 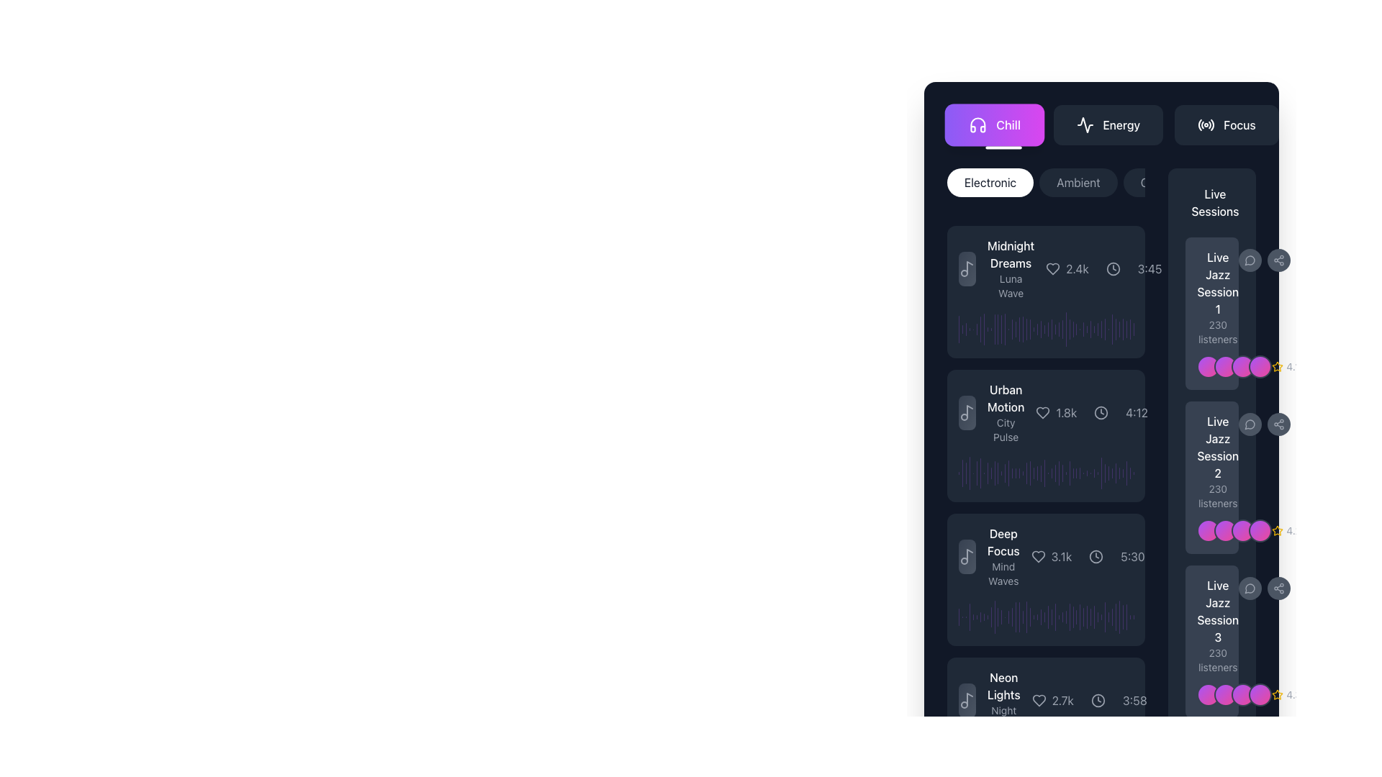 What do you see at coordinates (1038, 556) in the screenshot?
I see `the heart icon located to the left of the '3.1k' count label in the third row of music entries labeled 'Deep Focus' to like or unlike` at bounding box center [1038, 556].